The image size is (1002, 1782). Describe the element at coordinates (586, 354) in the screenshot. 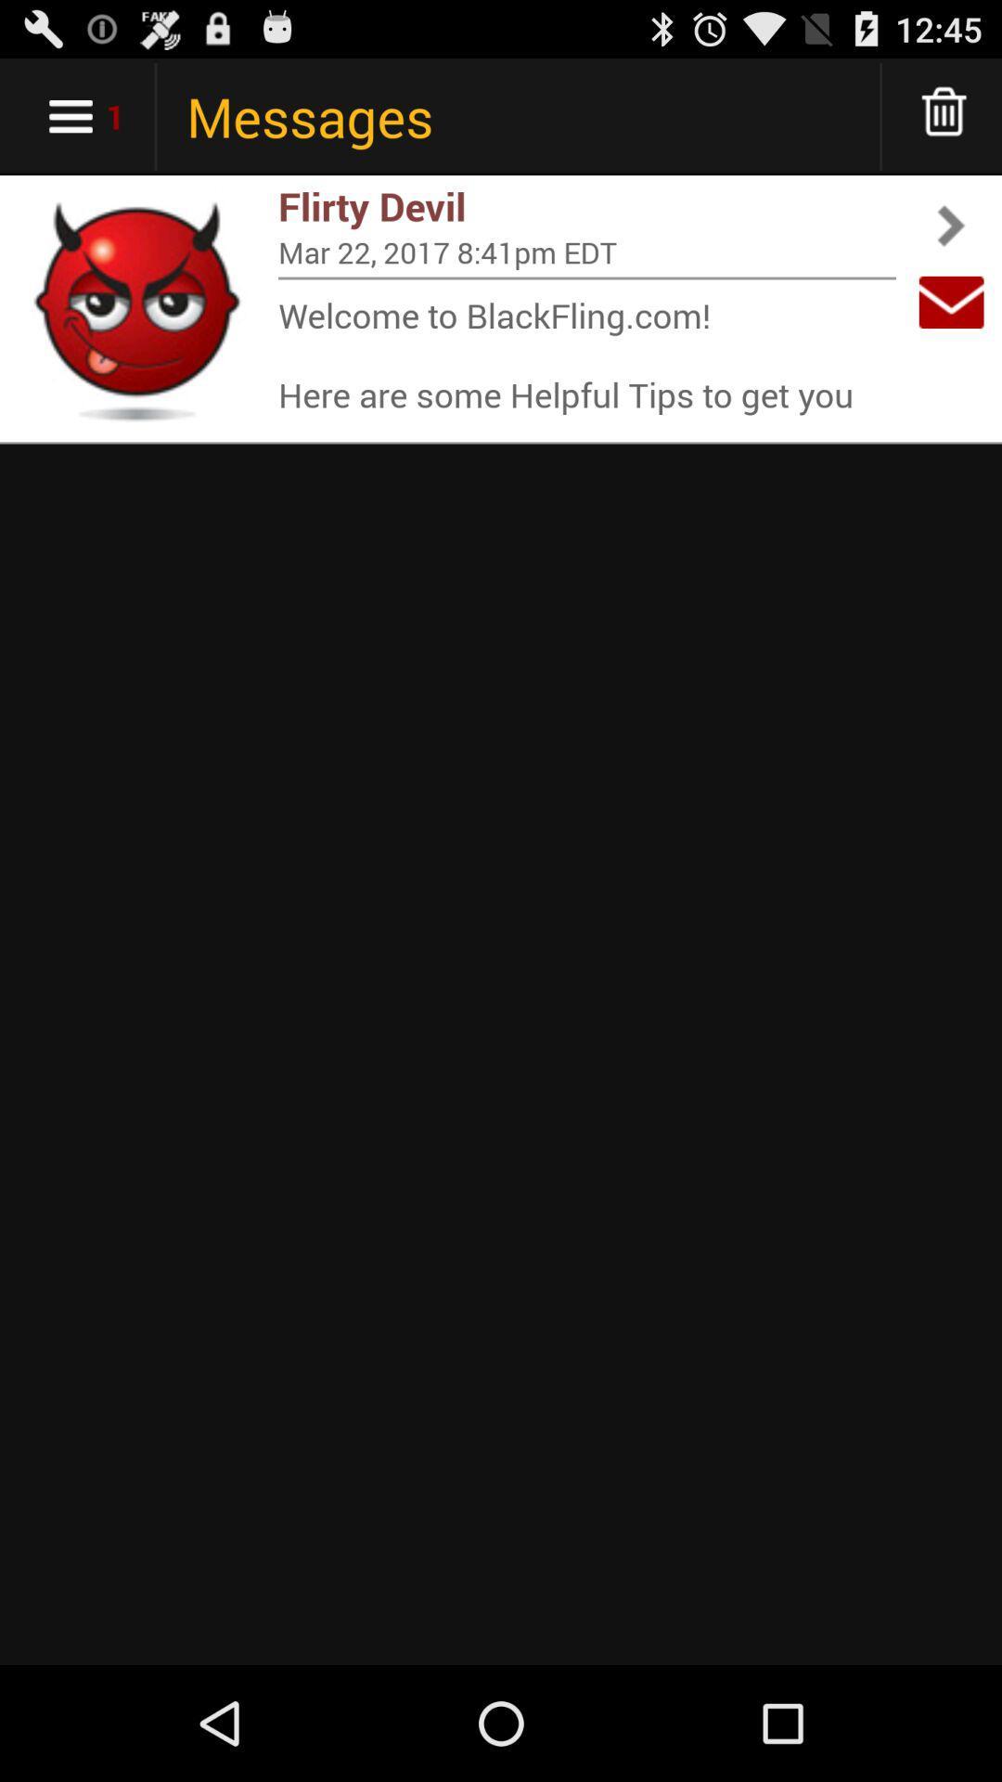

I see `welcome to blackfling item` at that location.